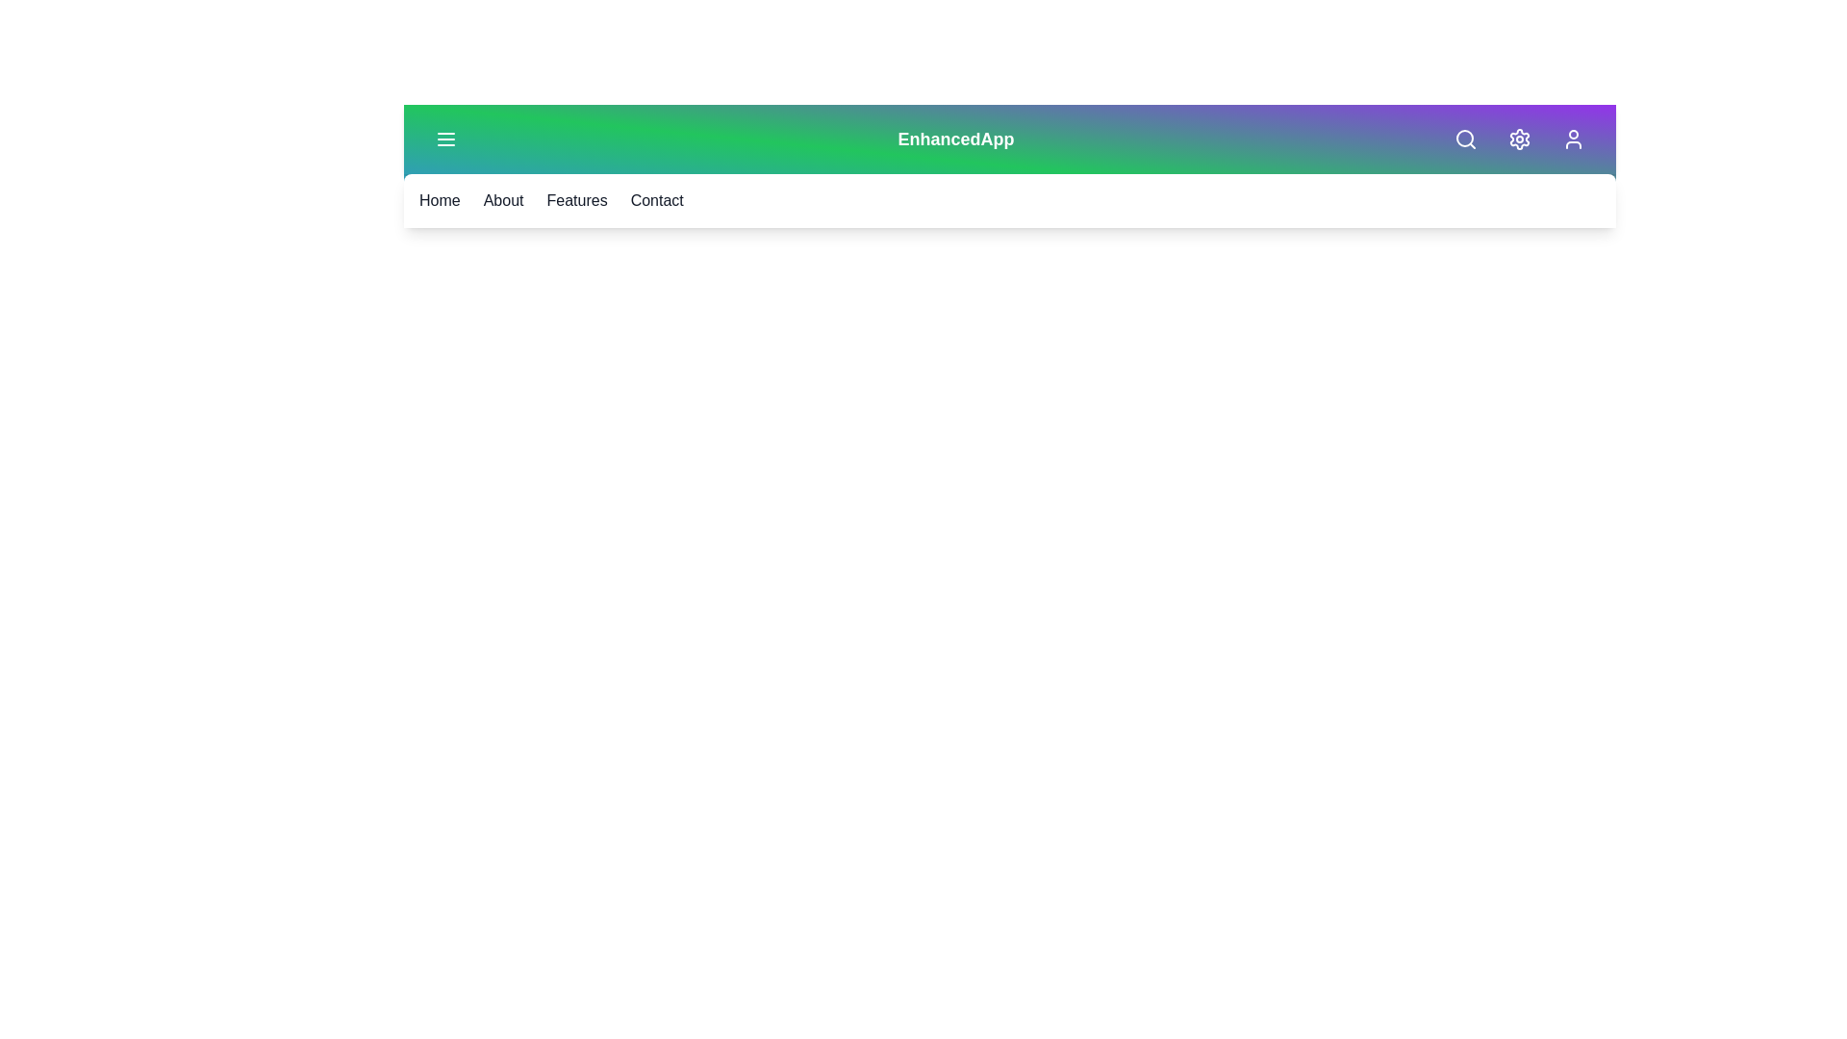  Describe the element at coordinates (445, 139) in the screenshot. I see `the menu button to toggle the menu visibility` at that location.